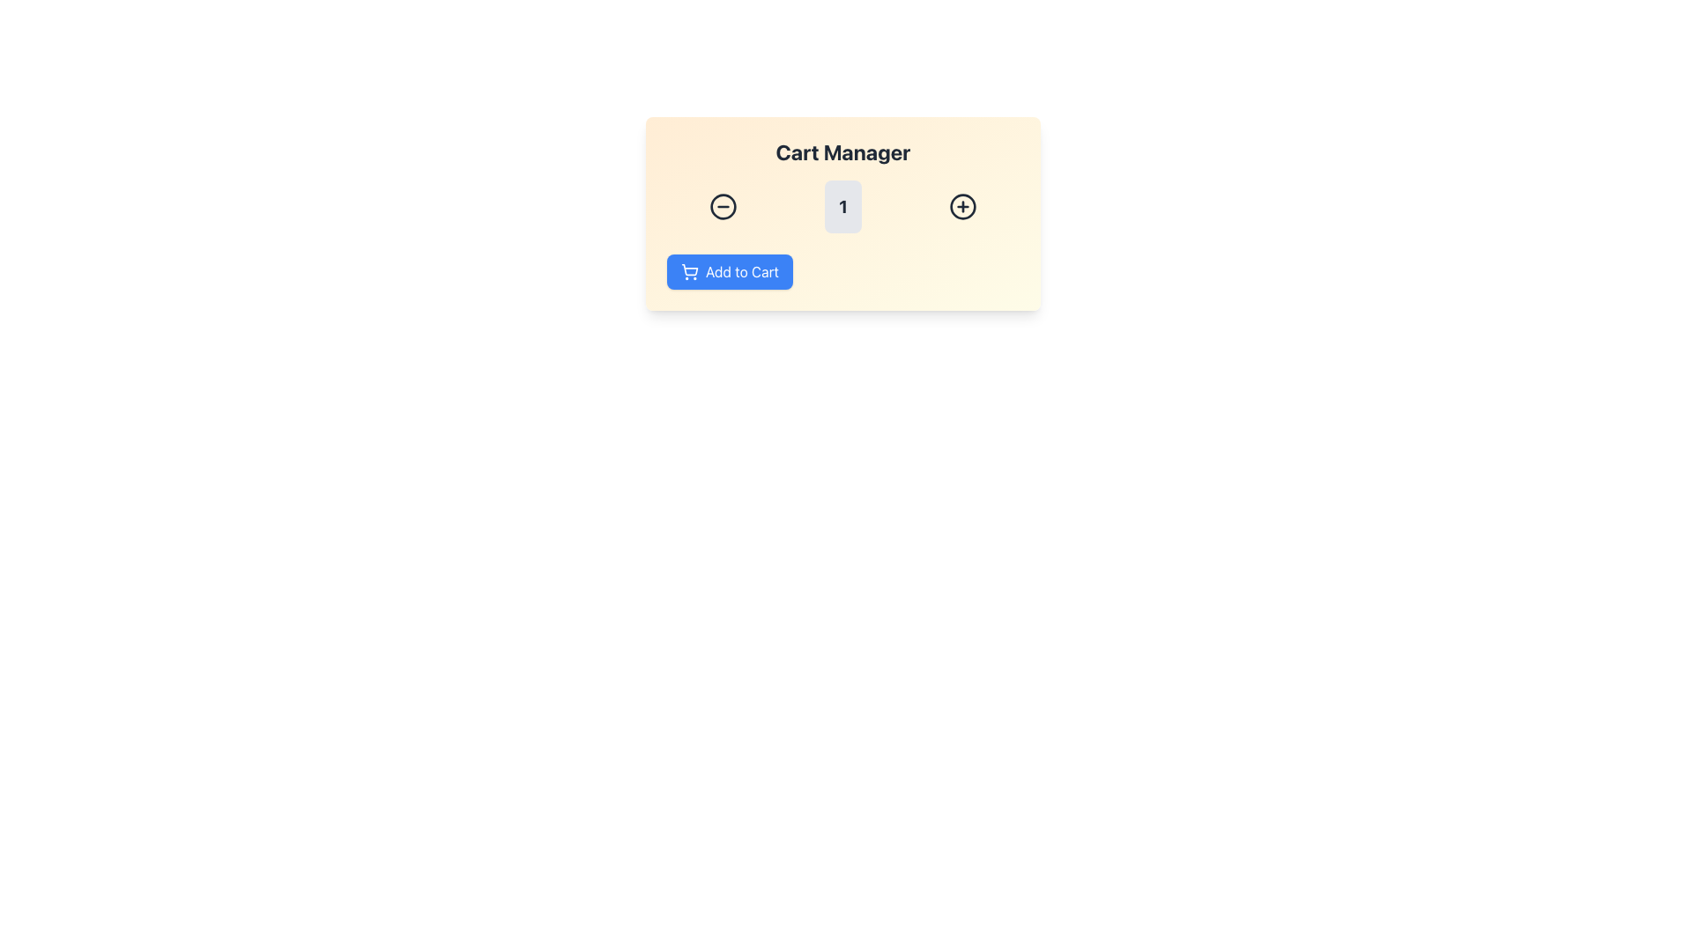 The height and width of the screenshot is (951, 1692). Describe the element at coordinates (730, 271) in the screenshot. I see `the 'Add to Cart' button, which is a blue rectangular button with rounded corners and white text, located in the lower-left region of the 'Cart Manager' UI component` at that location.